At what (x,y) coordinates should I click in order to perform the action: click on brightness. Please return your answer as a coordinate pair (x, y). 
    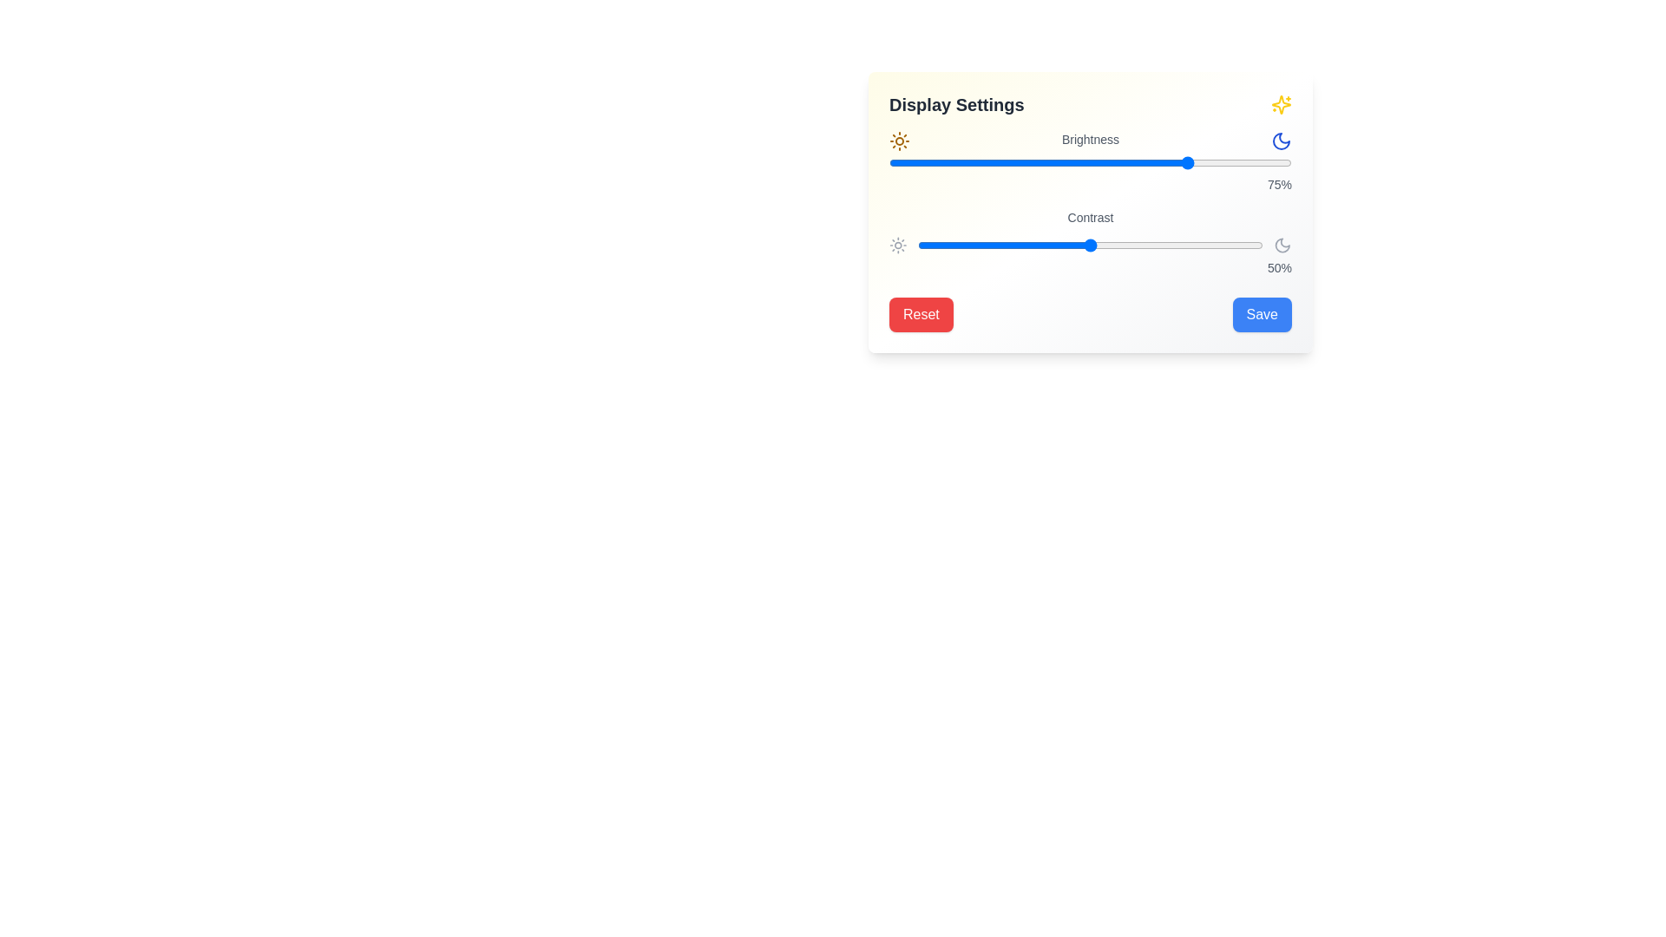
    Looking at the image, I should click on (956, 163).